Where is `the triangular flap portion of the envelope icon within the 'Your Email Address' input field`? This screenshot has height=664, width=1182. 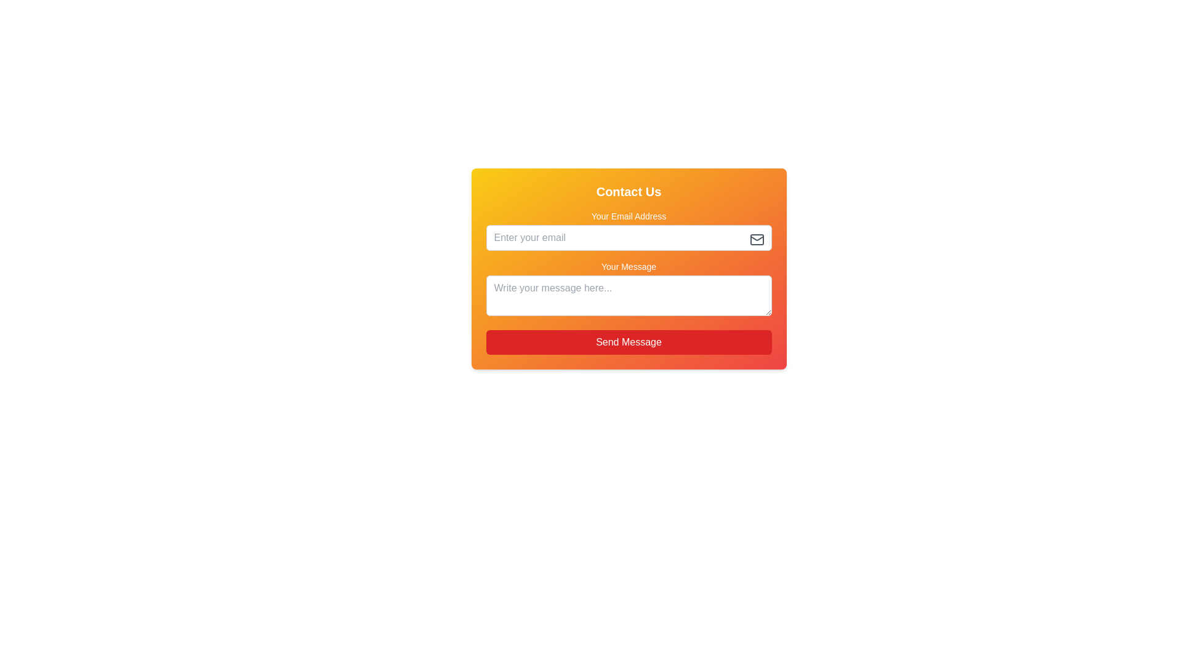
the triangular flap portion of the envelope icon within the 'Your Email Address' input field is located at coordinates (756, 239).